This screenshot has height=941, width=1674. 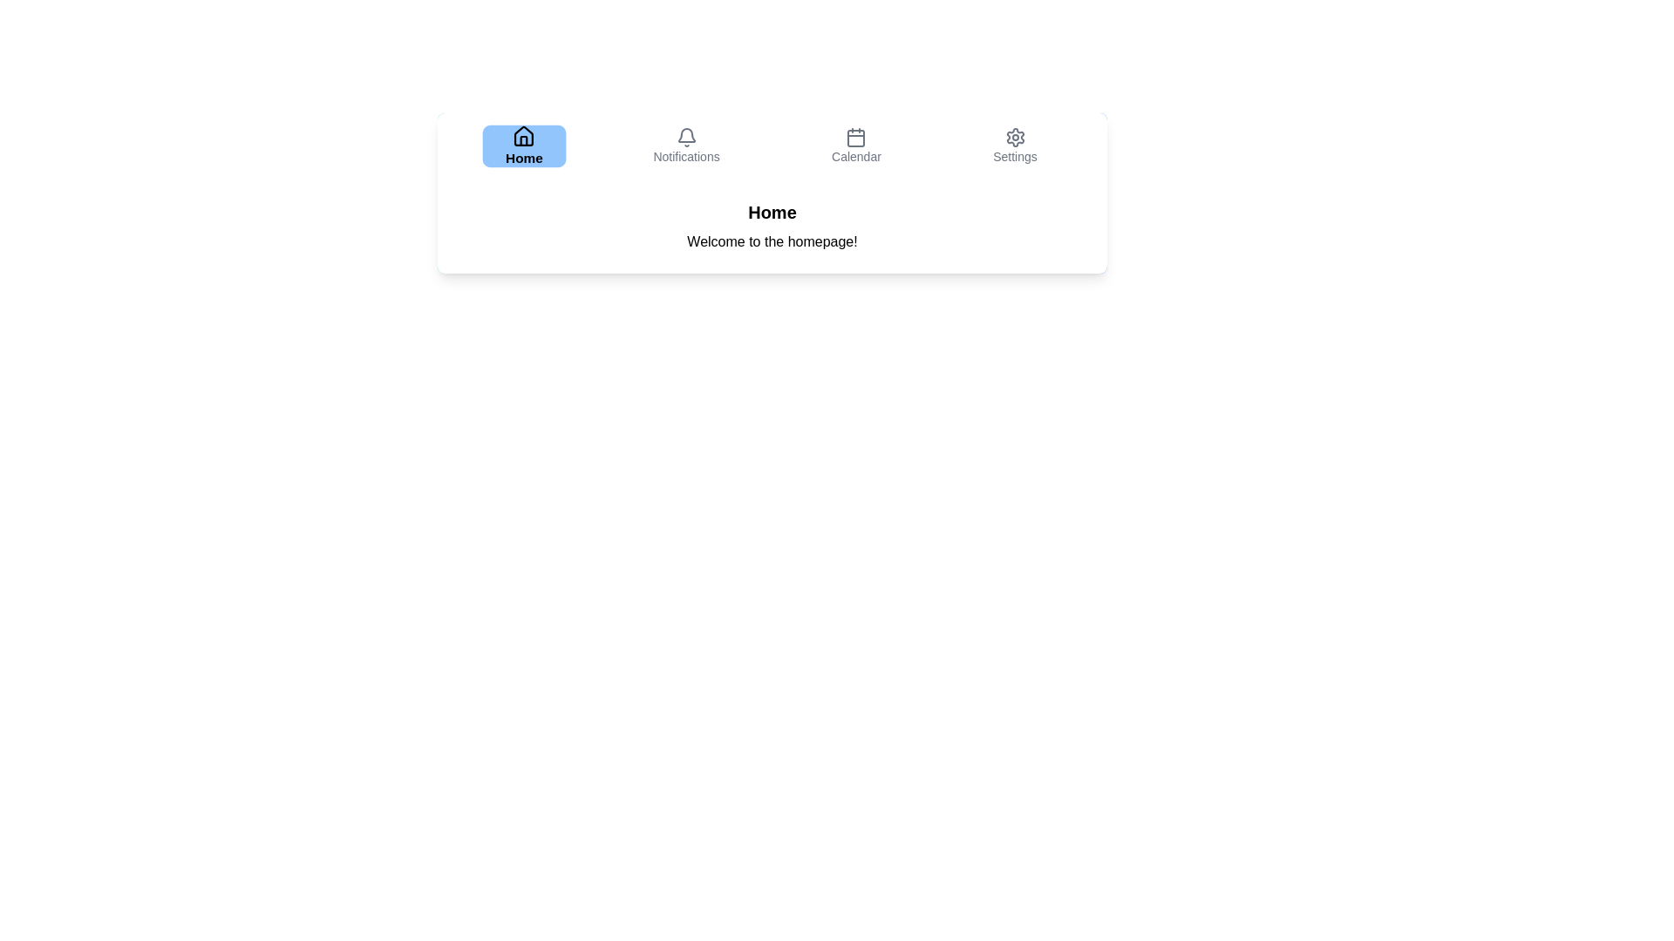 What do you see at coordinates (856, 137) in the screenshot?
I see `the main body of the calendar icon located in the toolbar, which is flanked by the Notifications icon on the left and the Settings icon on the right` at bounding box center [856, 137].